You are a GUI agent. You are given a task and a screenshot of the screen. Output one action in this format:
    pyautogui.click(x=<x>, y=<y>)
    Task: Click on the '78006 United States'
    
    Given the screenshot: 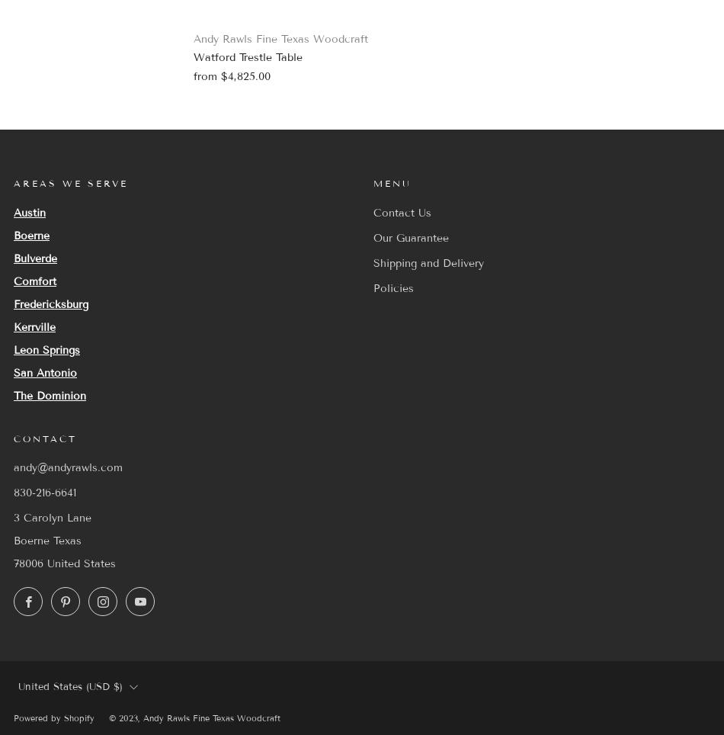 What is the action you would take?
    pyautogui.click(x=13, y=563)
    